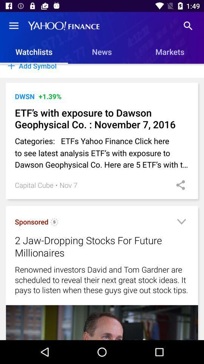 The image size is (204, 364). Describe the element at coordinates (93, 246) in the screenshot. I see `the 2 jaw dropping item` at that location.